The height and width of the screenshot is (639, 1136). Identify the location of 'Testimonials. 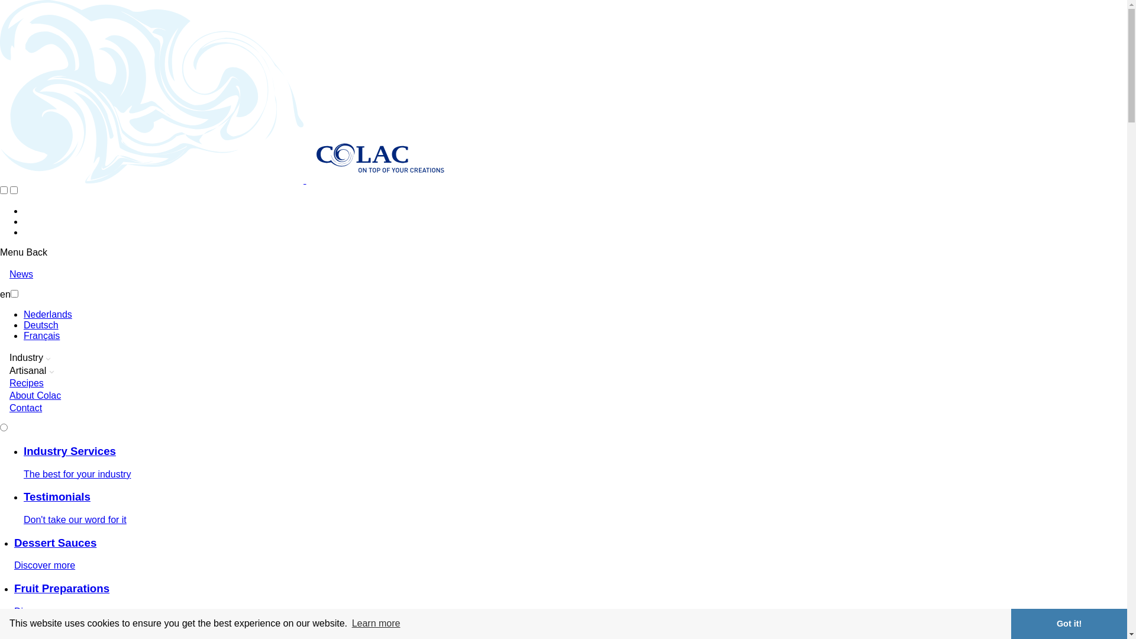
(575, 507).